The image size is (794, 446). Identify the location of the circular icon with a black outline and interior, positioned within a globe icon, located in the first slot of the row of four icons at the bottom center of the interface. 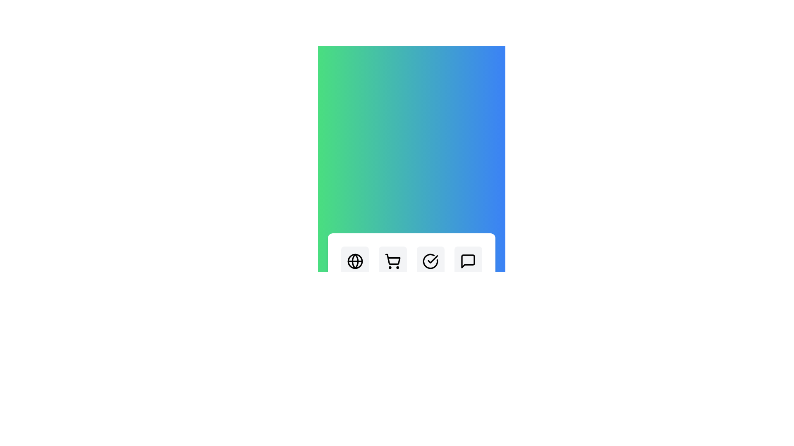
(355, 261).